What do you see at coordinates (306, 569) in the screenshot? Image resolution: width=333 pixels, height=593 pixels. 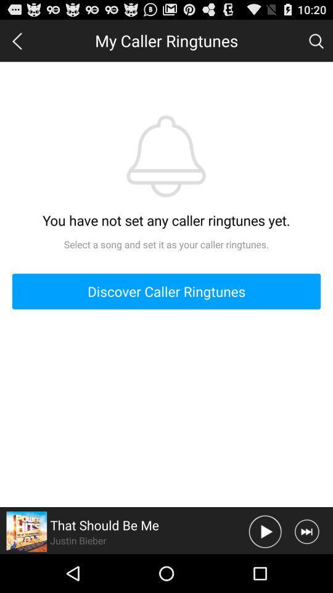 I see `the skip_next icon` at bounding box center [306, 569].